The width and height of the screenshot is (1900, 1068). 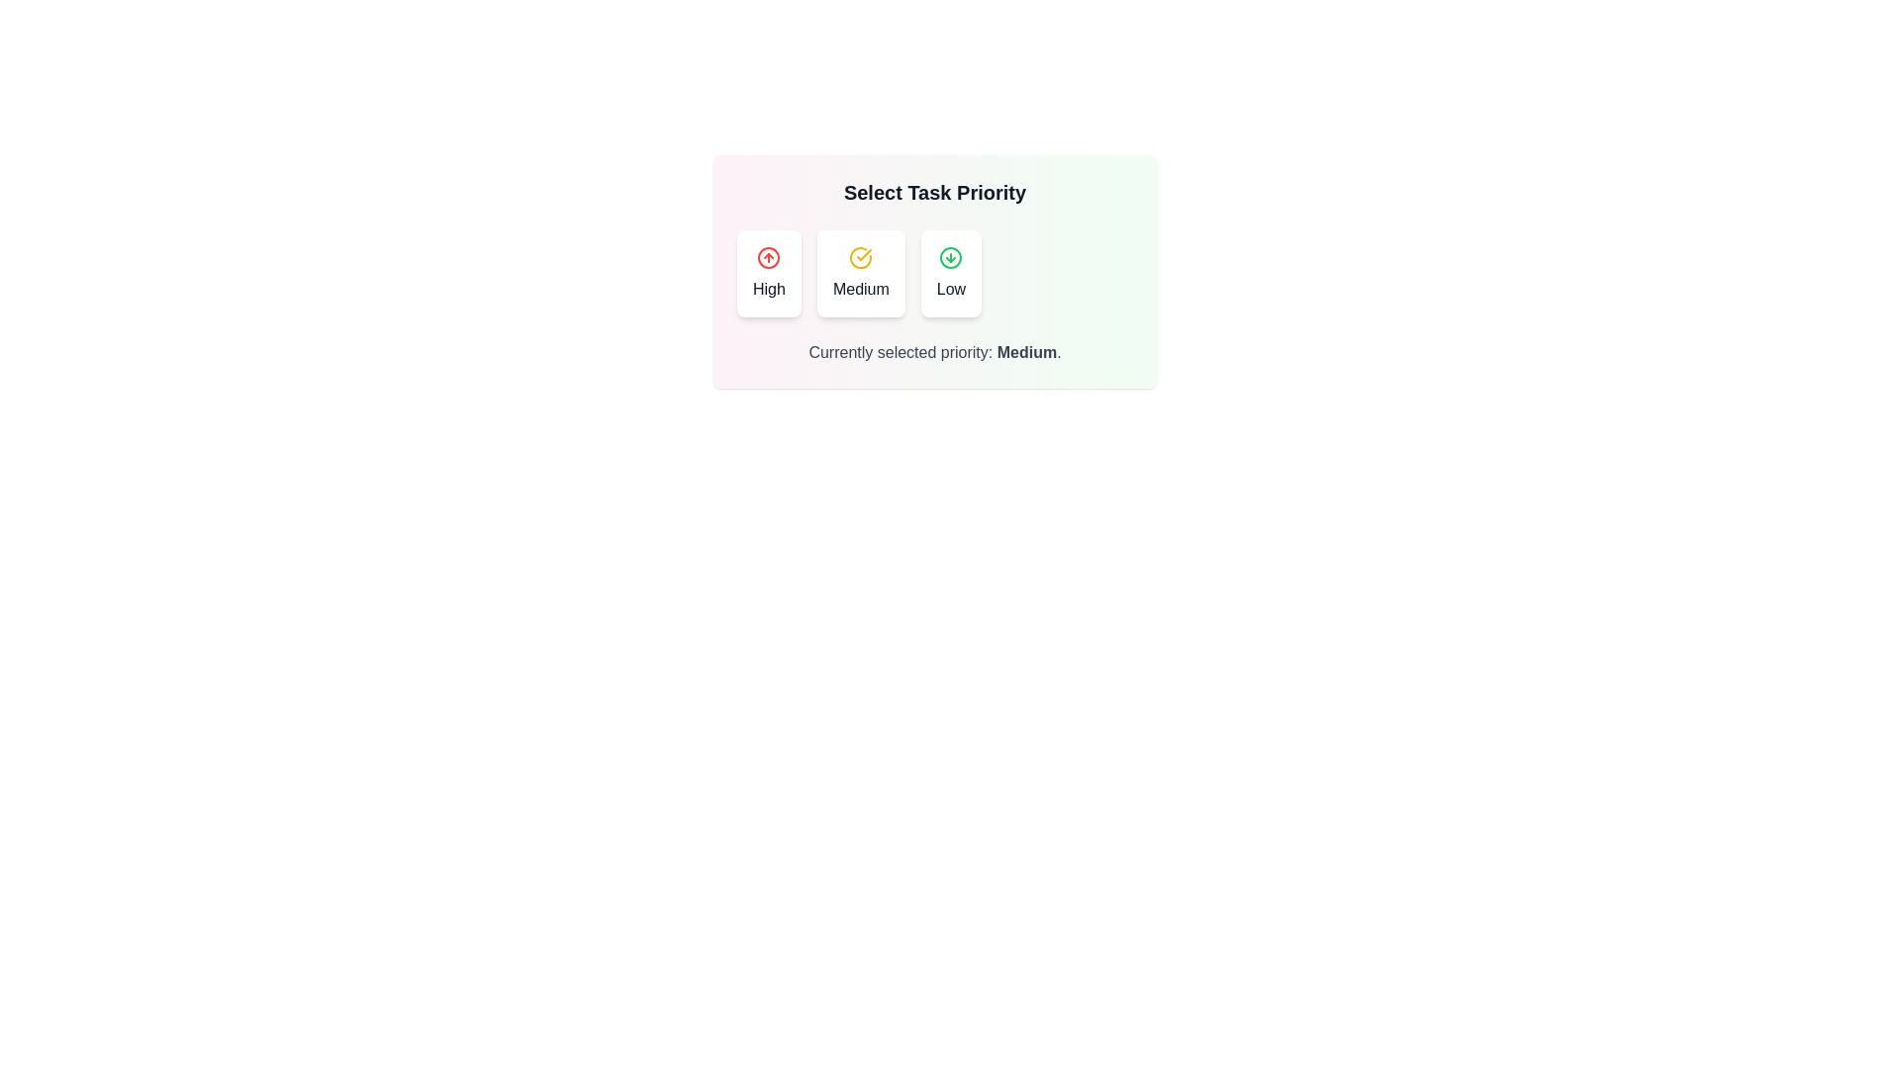 I want to click on the priority option labeled Low to observe its hover effect, so click(x=951, y=274).